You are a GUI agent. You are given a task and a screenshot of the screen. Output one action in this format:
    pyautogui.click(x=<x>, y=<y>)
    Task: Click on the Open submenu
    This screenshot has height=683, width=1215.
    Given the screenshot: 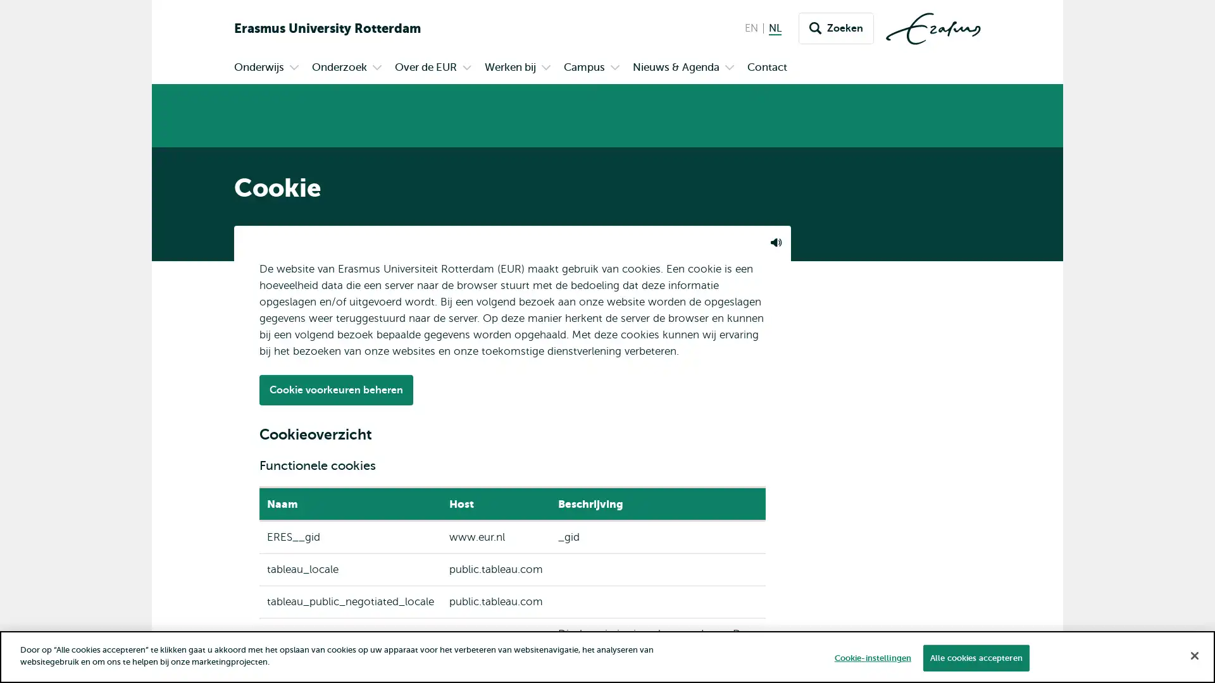 What is the action you would take?
    pyautogui.click(x=294, y=68)
    